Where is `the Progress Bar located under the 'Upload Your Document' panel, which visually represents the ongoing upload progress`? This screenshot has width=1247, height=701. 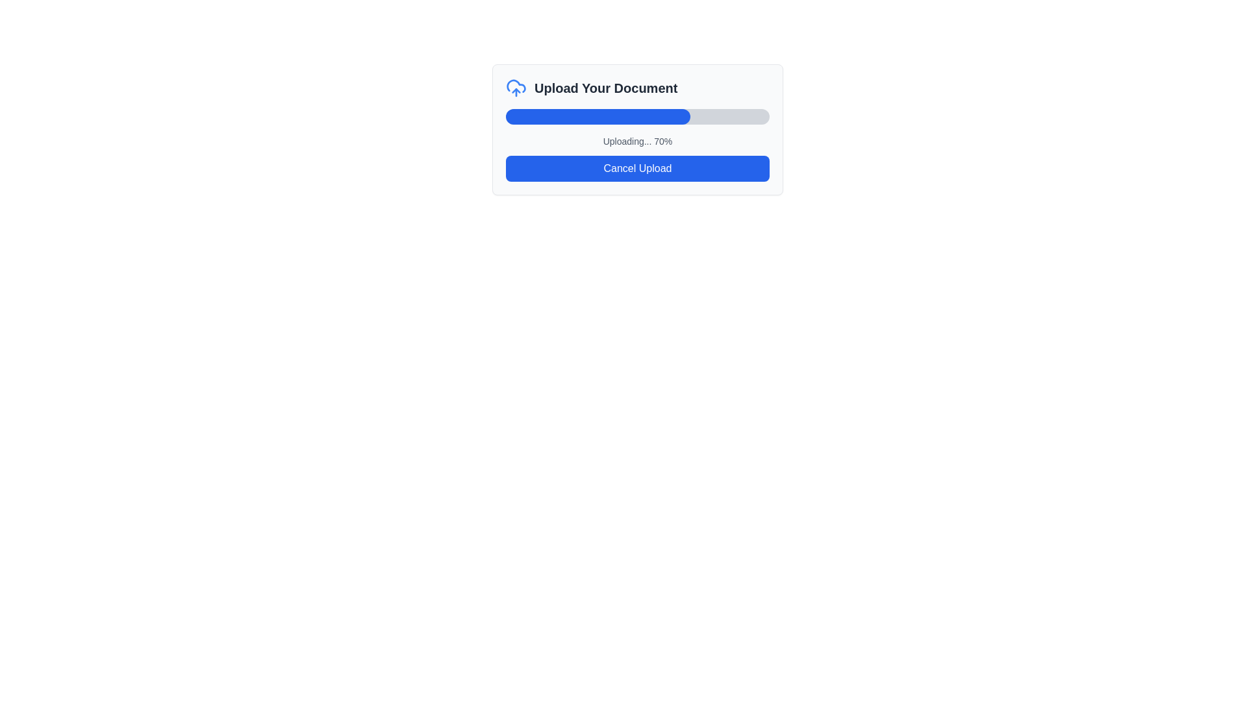 the Progress Bar located under the 'Upload Your Document' panel, which visually represents the ongoing upload progress is located at coordinates (638, 117).